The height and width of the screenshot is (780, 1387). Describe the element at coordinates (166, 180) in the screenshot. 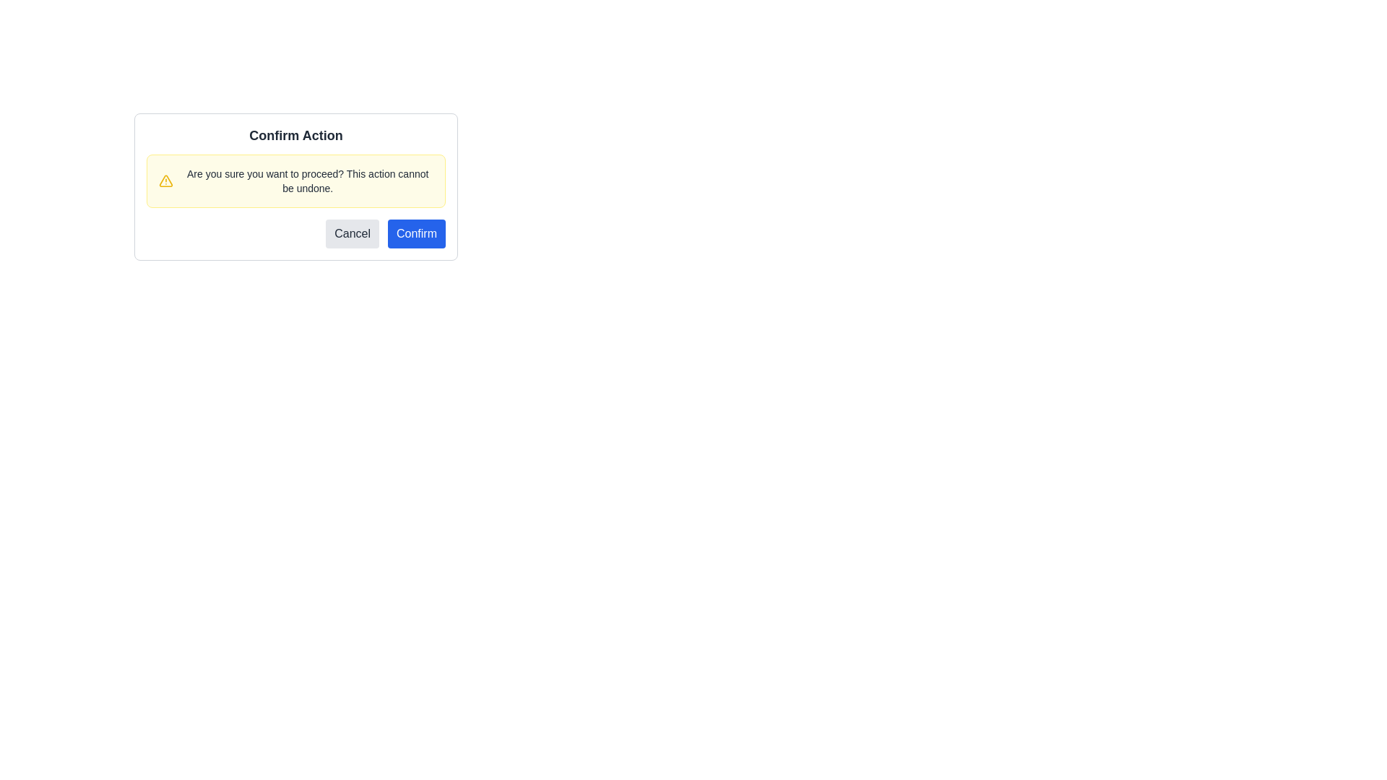

I see `the alert icon, which is a yellow outlined triangle with an exclamation mark inside, located to the far left of the warning text in the modal dialog titled 'Confirm Action'` at that location.